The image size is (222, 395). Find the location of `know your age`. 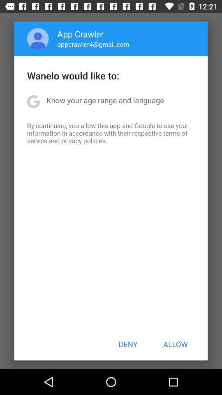

know your age is located at coordinates (105, 100).